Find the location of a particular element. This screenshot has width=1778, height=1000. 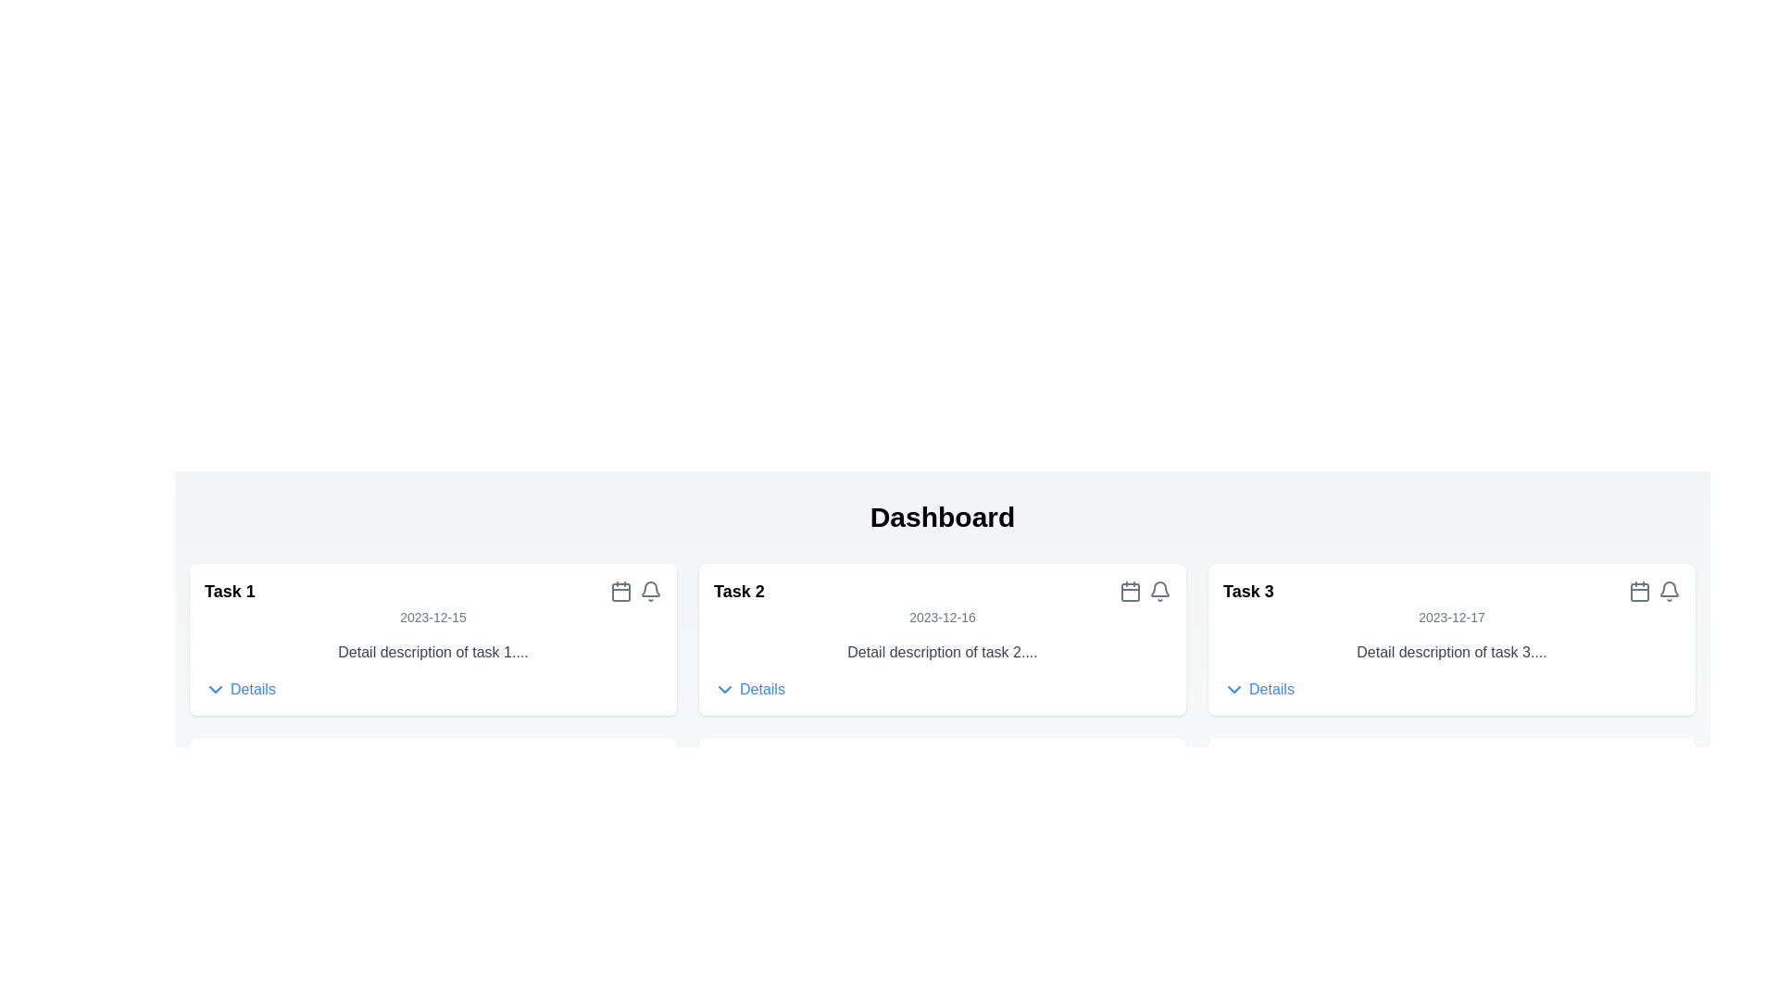

the Calendar Icon located at the top-right of the Task 2 card, which is visually aligned beside a bell icon is located at coordinates (1129, 593).